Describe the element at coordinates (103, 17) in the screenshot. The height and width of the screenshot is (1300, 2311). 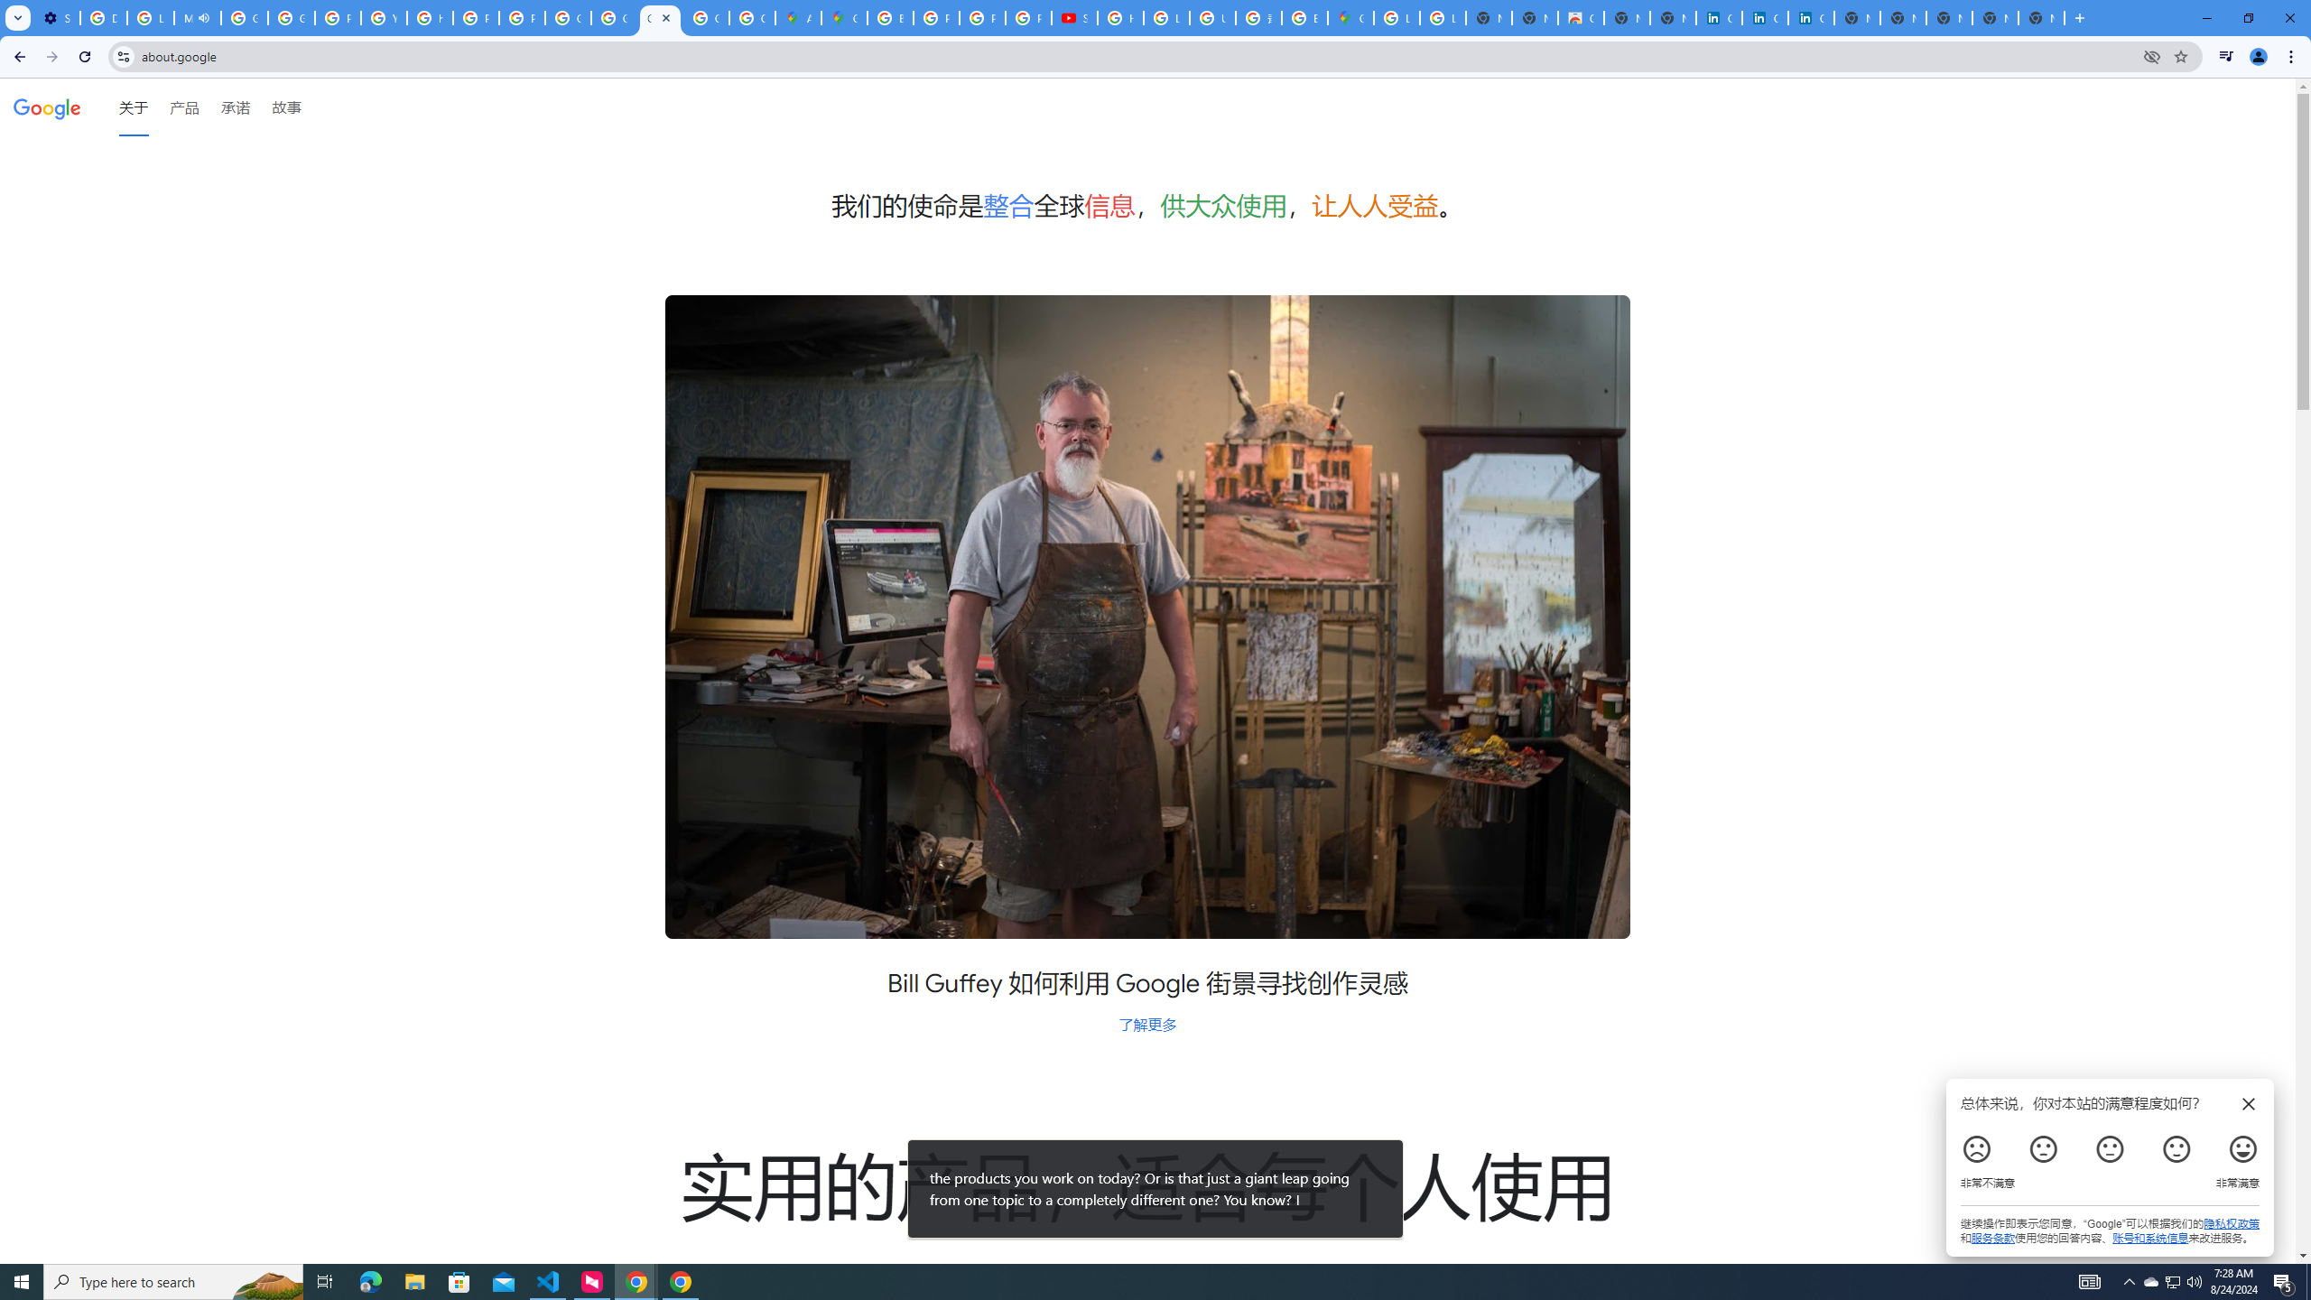
I see `'Delete photos & videos - Computer - Google Photos Help'` at that location.